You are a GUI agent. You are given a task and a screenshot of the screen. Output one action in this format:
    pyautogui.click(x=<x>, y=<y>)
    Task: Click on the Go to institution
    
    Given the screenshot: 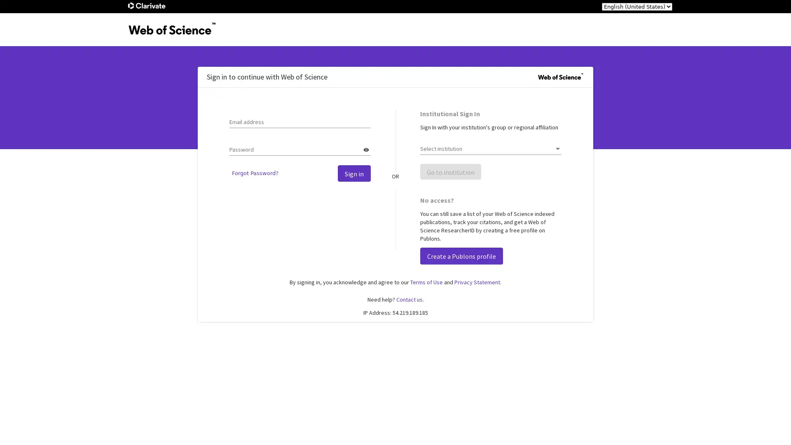 What is the action you would take?
    pyautogui.click(x=450, y=171)
    